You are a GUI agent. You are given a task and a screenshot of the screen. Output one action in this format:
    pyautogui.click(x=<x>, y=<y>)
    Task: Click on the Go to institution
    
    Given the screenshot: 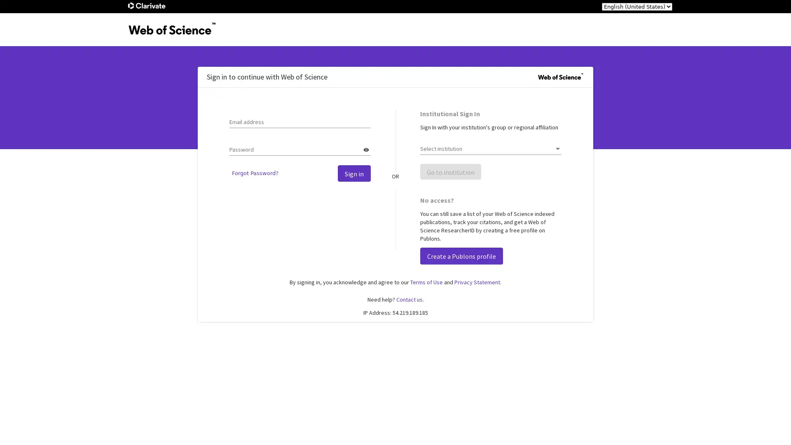 What is the action you would take?
    pyautogui.click(x=450, y=171)
    